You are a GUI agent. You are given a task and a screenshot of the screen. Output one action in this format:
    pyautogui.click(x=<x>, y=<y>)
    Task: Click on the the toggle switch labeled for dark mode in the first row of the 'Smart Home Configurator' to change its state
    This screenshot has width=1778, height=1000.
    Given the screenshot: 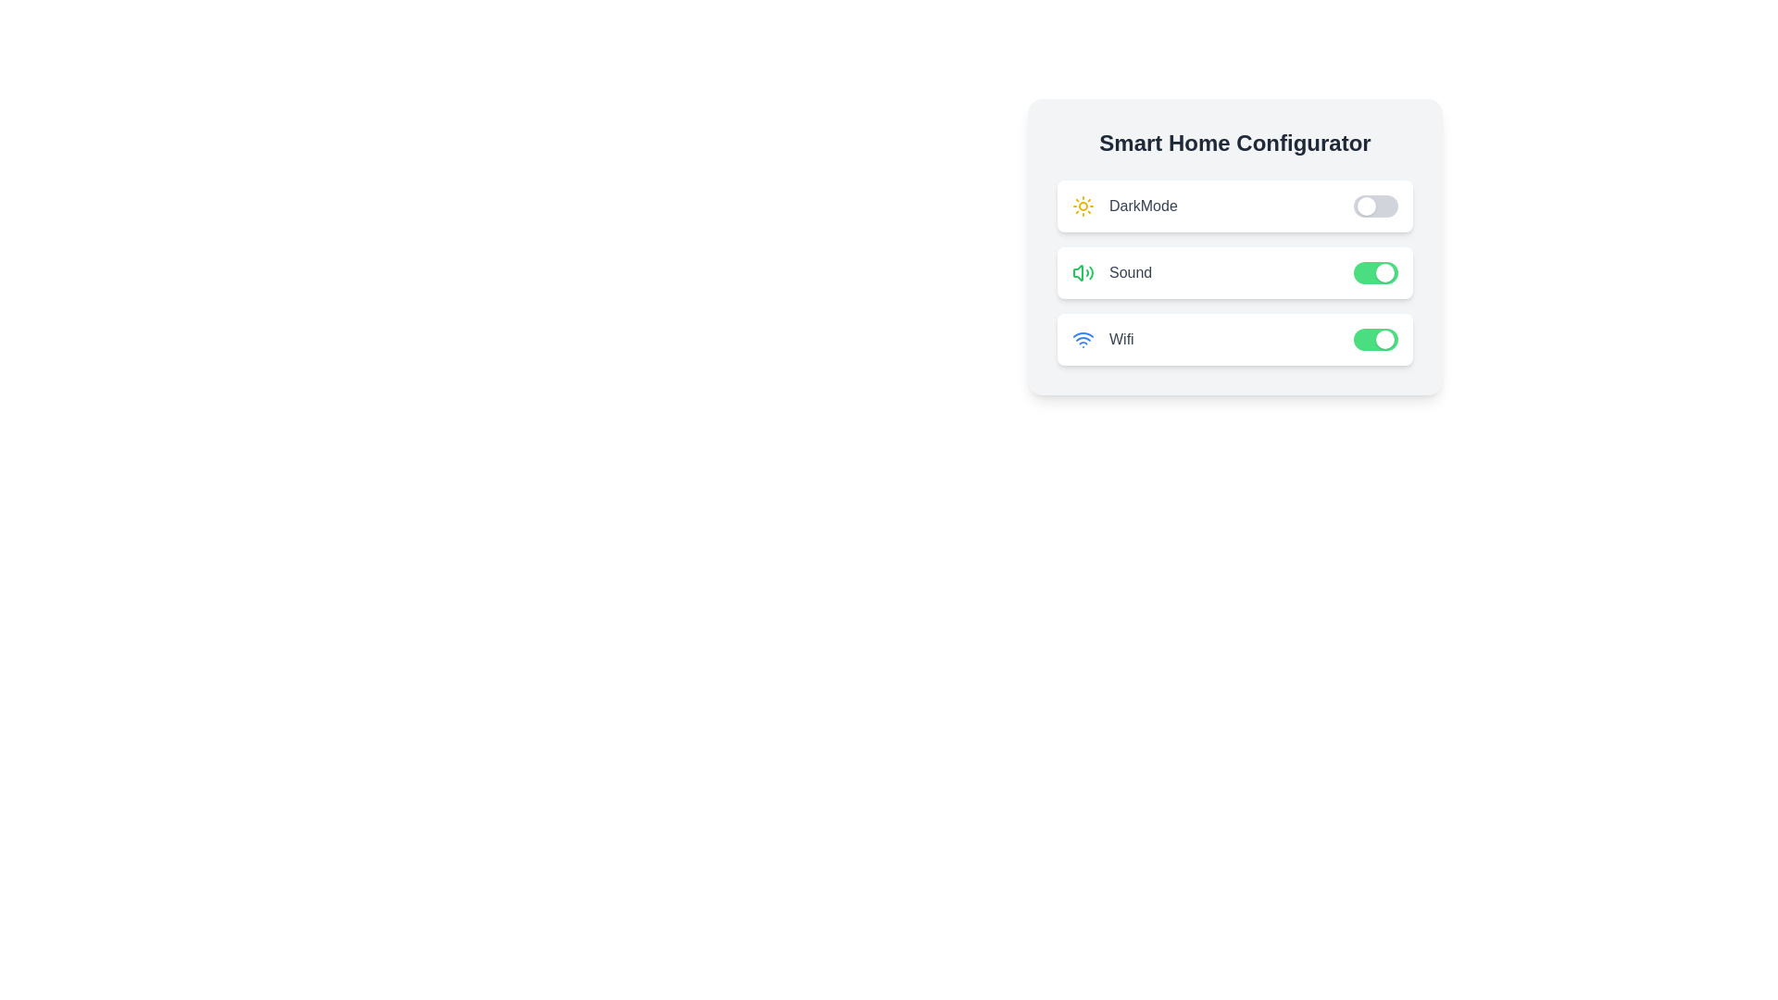 What is the action you would take?
    pyautogui.click(x=1235, y=206)
    